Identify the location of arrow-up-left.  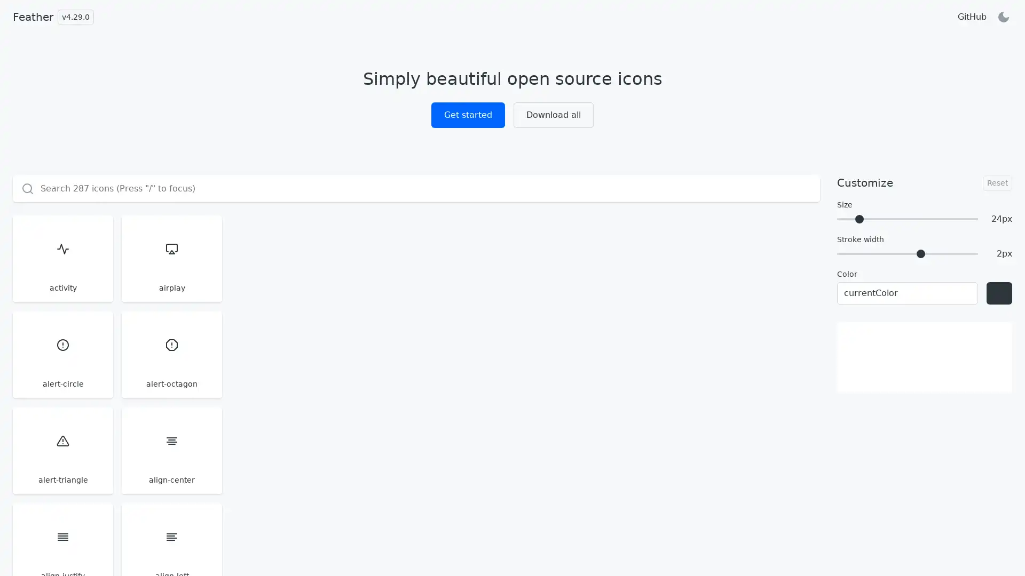
(325, 450).